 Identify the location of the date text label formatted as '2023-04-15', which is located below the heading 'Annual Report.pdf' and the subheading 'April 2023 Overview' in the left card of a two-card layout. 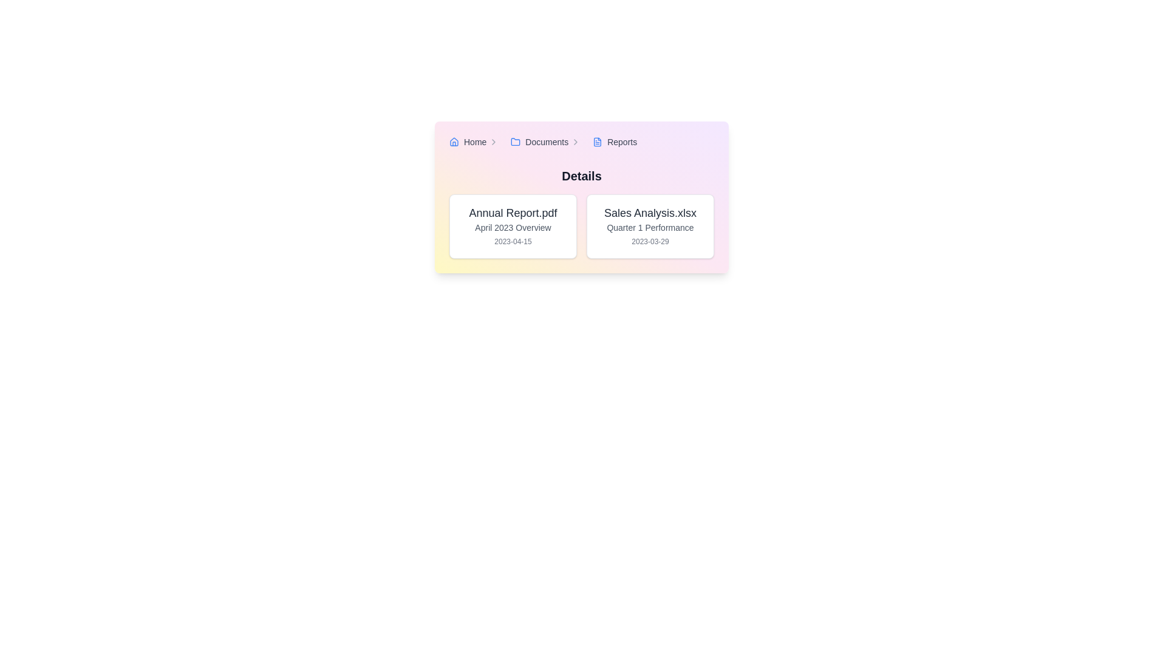
(513, 241).